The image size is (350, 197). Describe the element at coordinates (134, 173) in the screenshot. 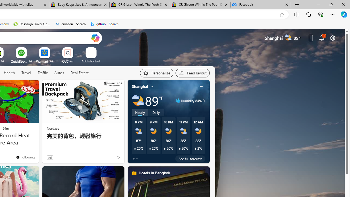

I see `'hotels-header-icon'` at that location.